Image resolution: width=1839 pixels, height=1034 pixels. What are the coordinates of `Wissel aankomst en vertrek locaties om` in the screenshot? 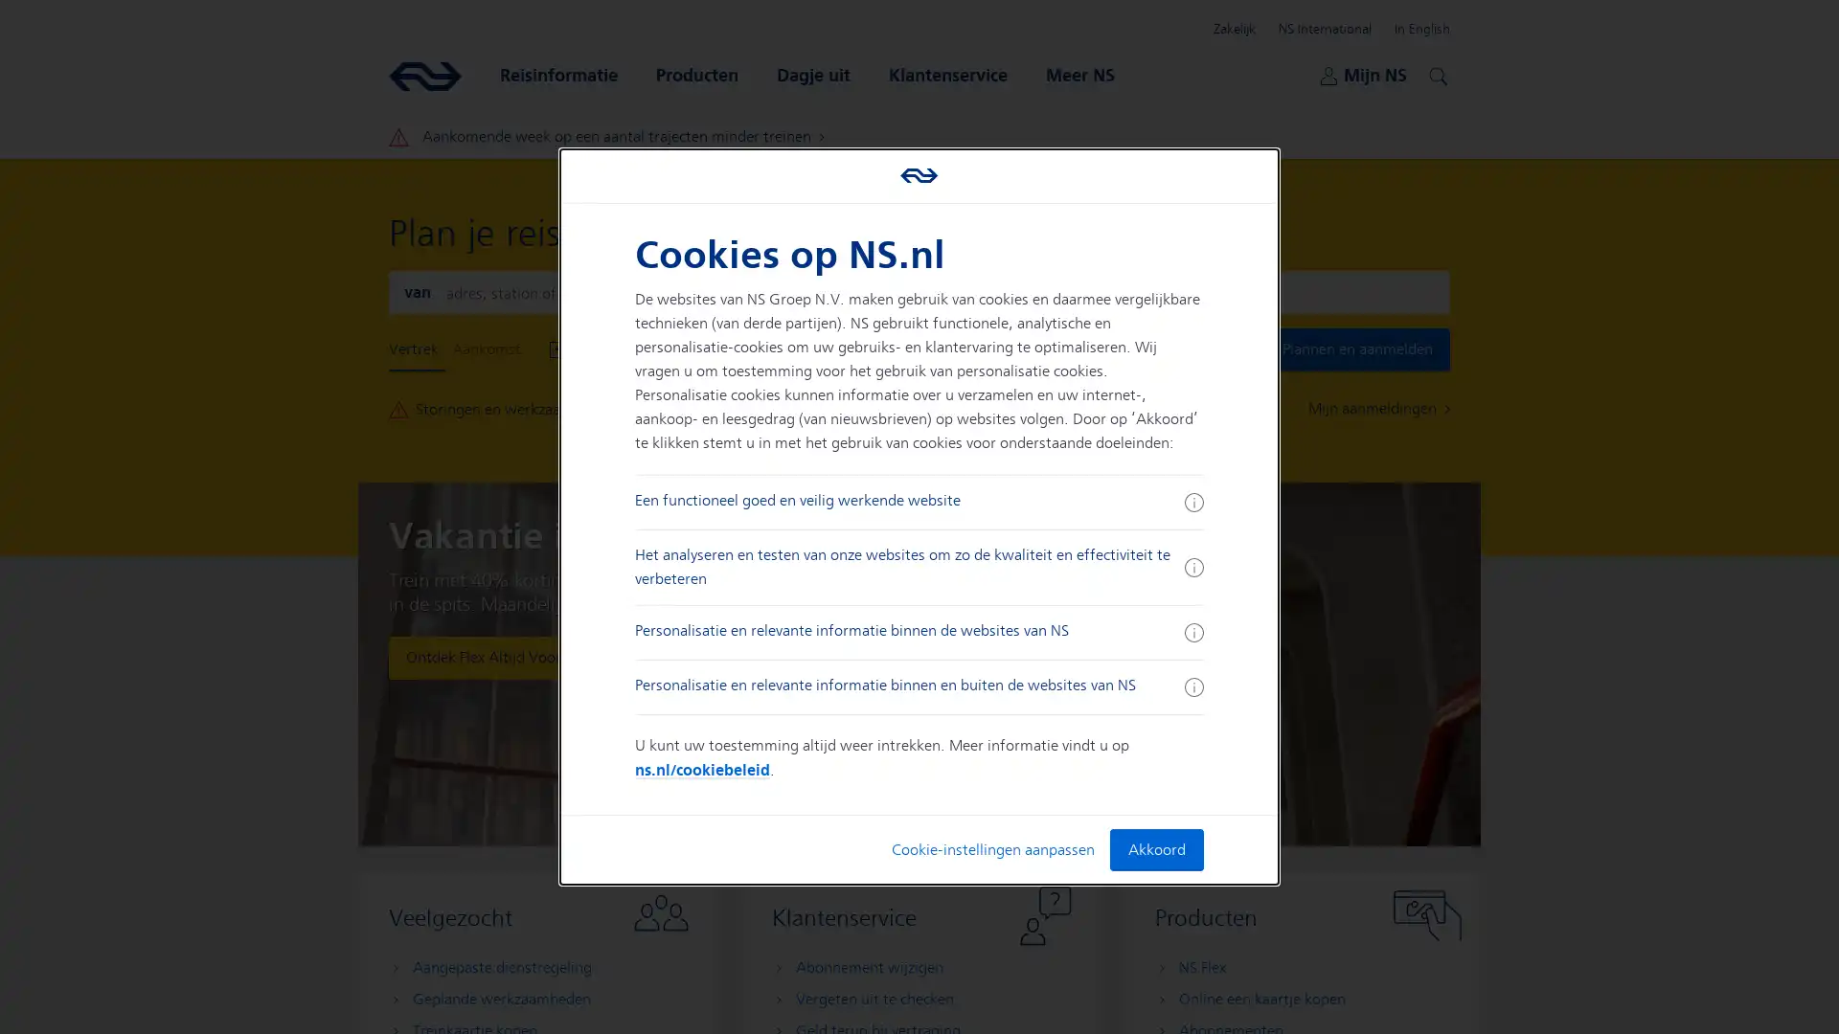 It's located at (918, 292).